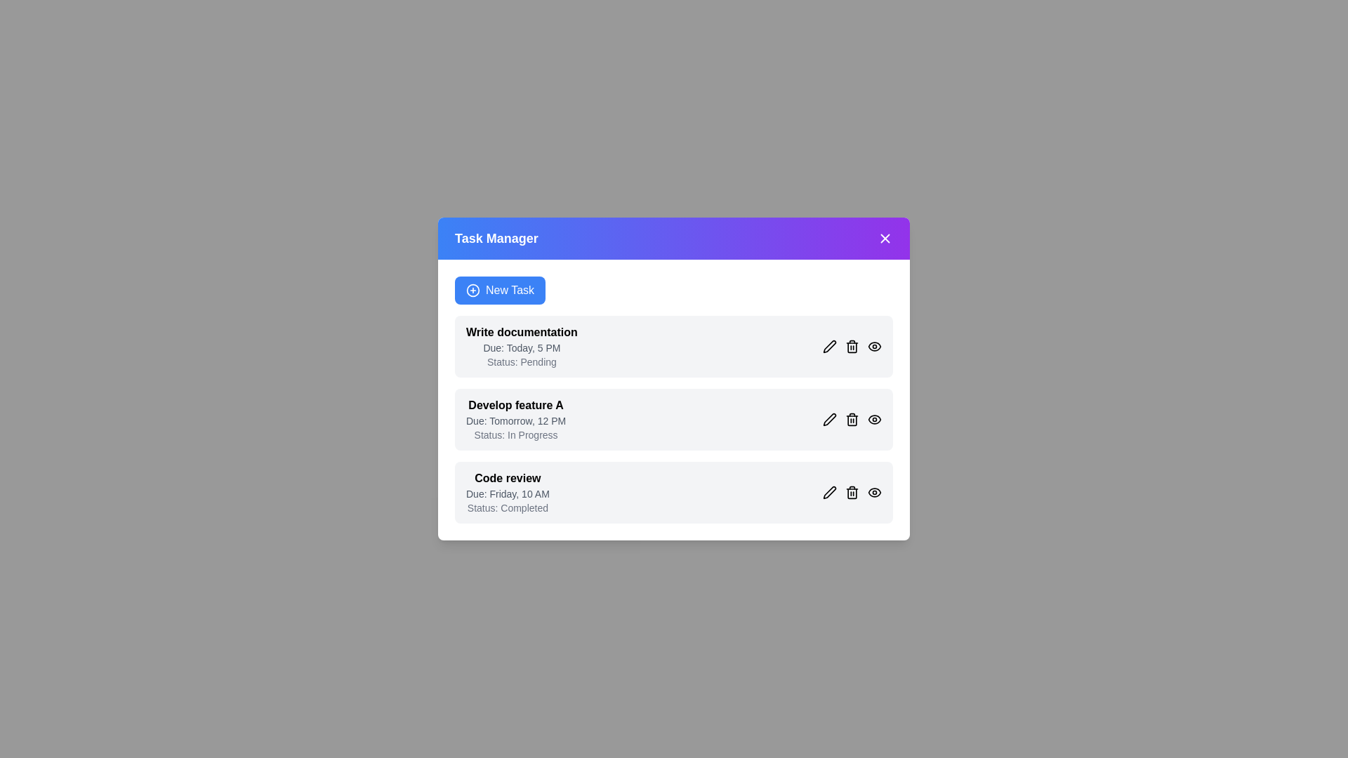  Describe the element at coordinates (829, 346) in the screenshot. I see `'Edit' button next to the task 'Write documentation' to edit its details` at that location.